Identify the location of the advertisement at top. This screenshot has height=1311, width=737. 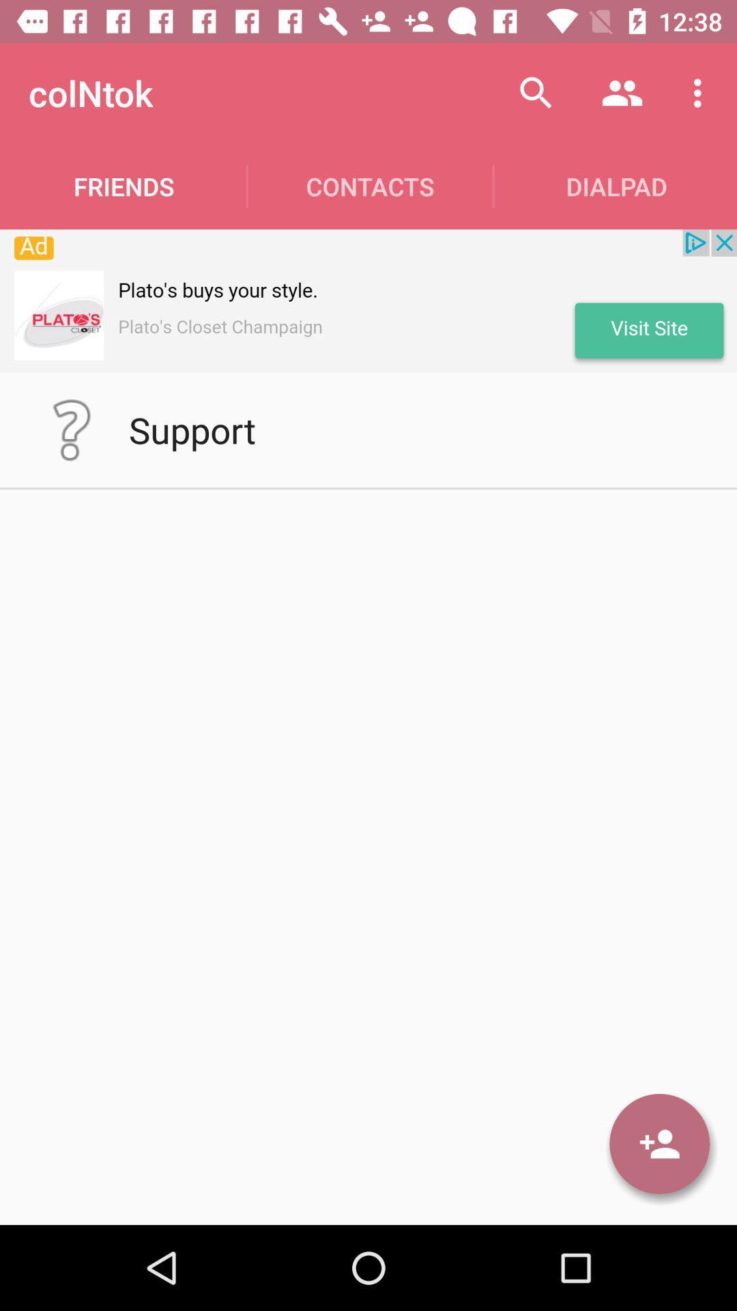
(369, 300).